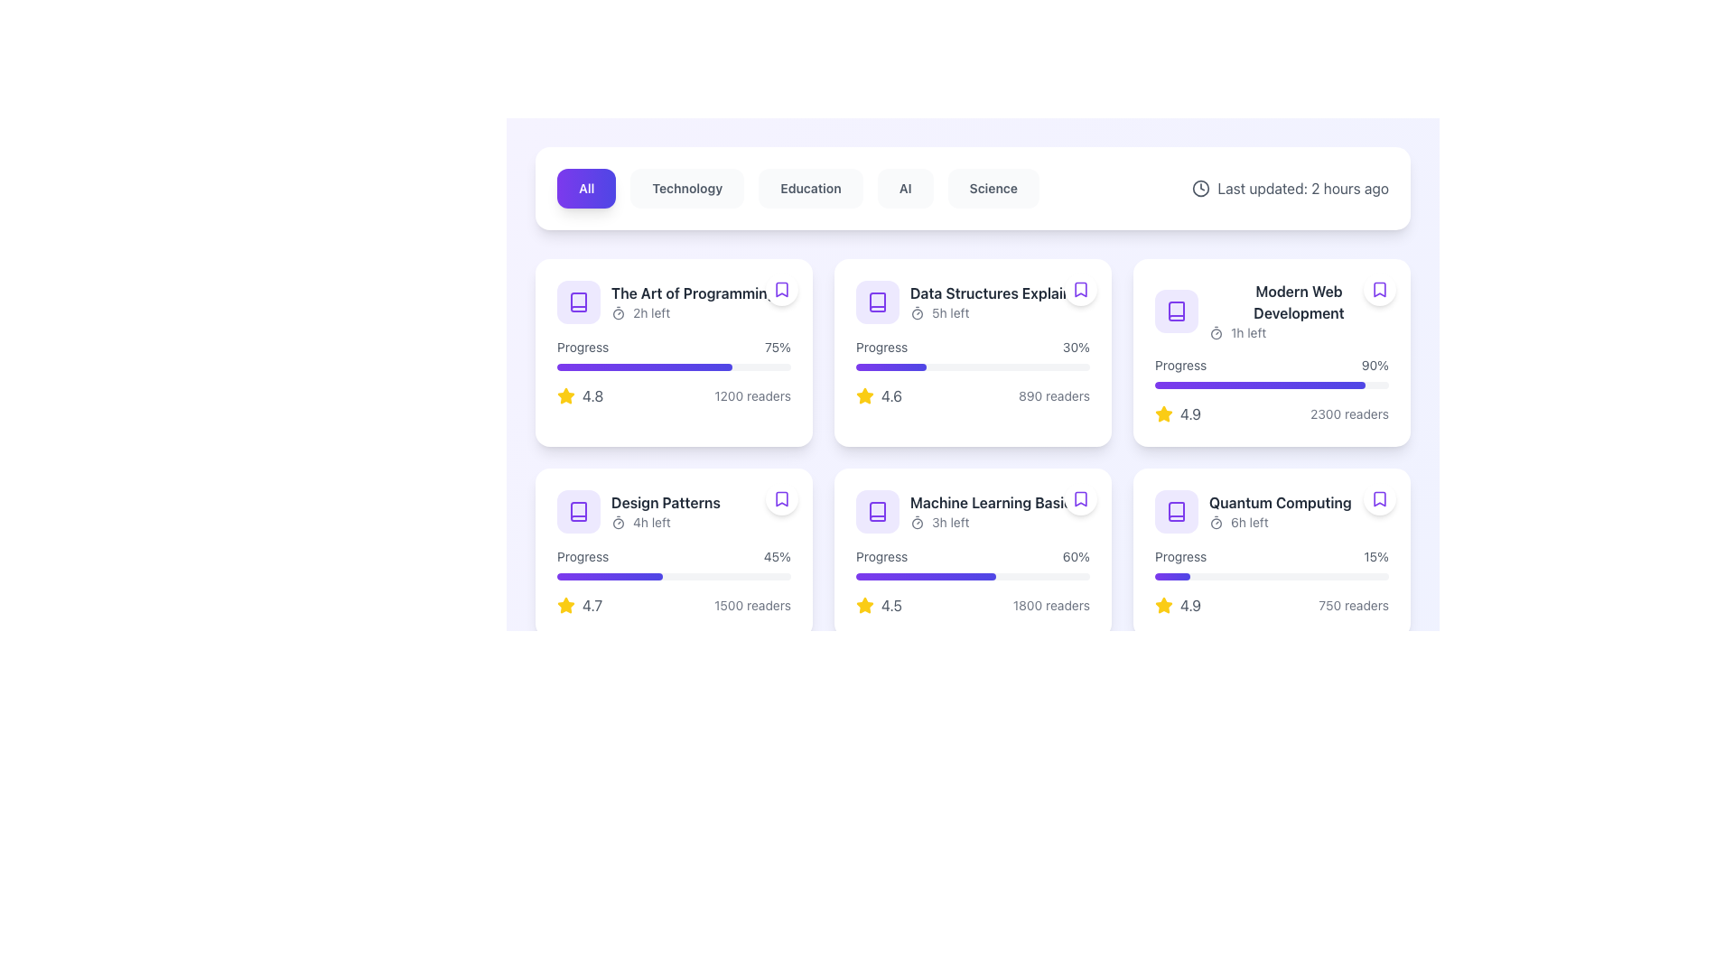 This screenshot has width=1734, height=975. I want to click on the horizontal progress bar with a gradient color transitioning from violet to indigo, located centrally in the progress section of the 'Modern Web Development' card, so click(1259, 385).